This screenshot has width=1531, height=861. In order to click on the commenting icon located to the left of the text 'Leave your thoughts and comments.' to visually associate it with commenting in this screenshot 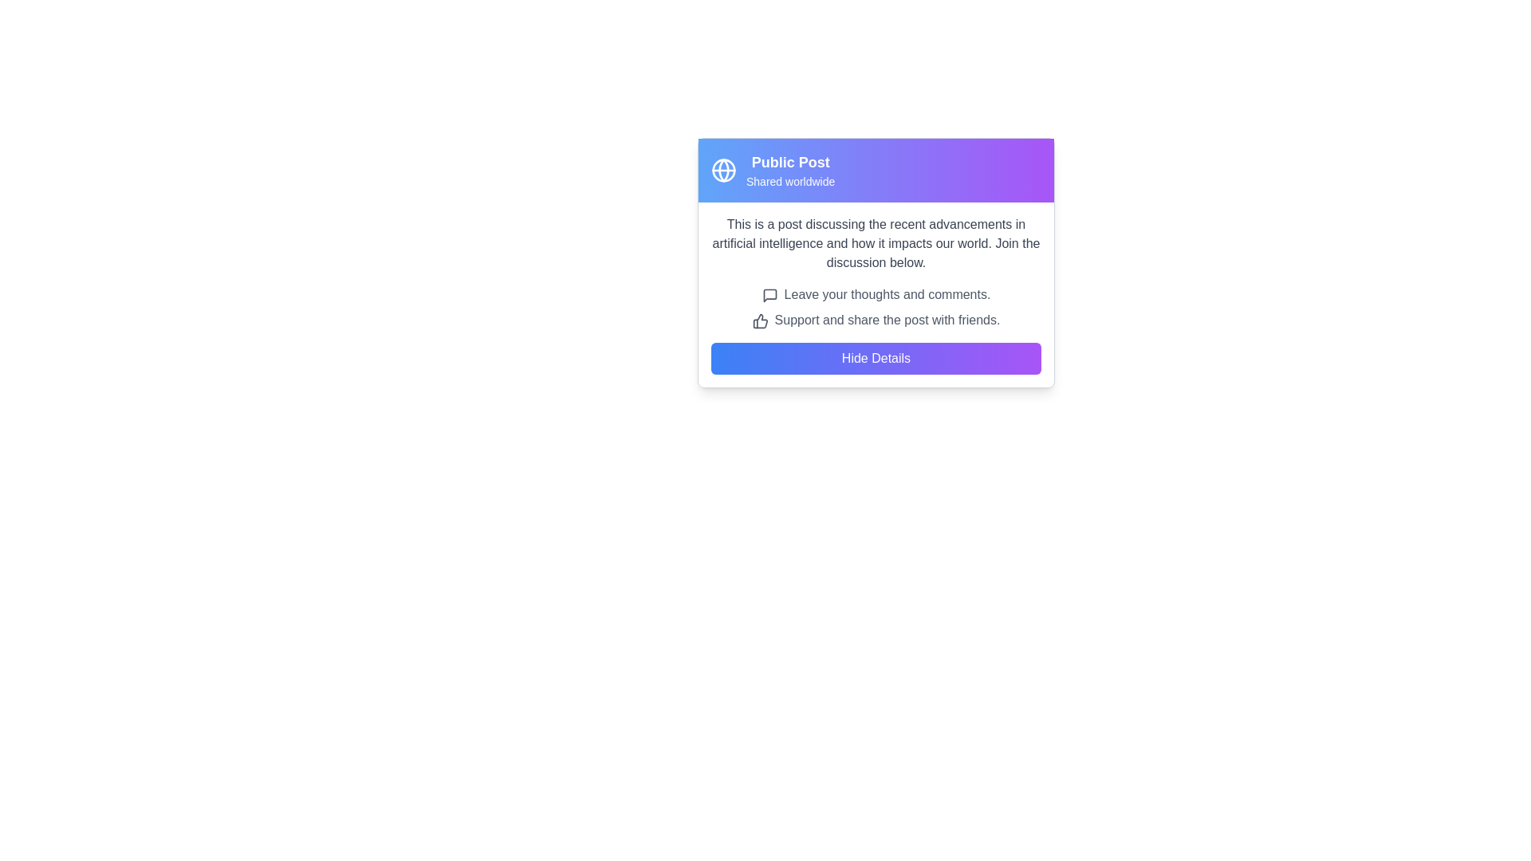, I will do `click(769, 295)`.